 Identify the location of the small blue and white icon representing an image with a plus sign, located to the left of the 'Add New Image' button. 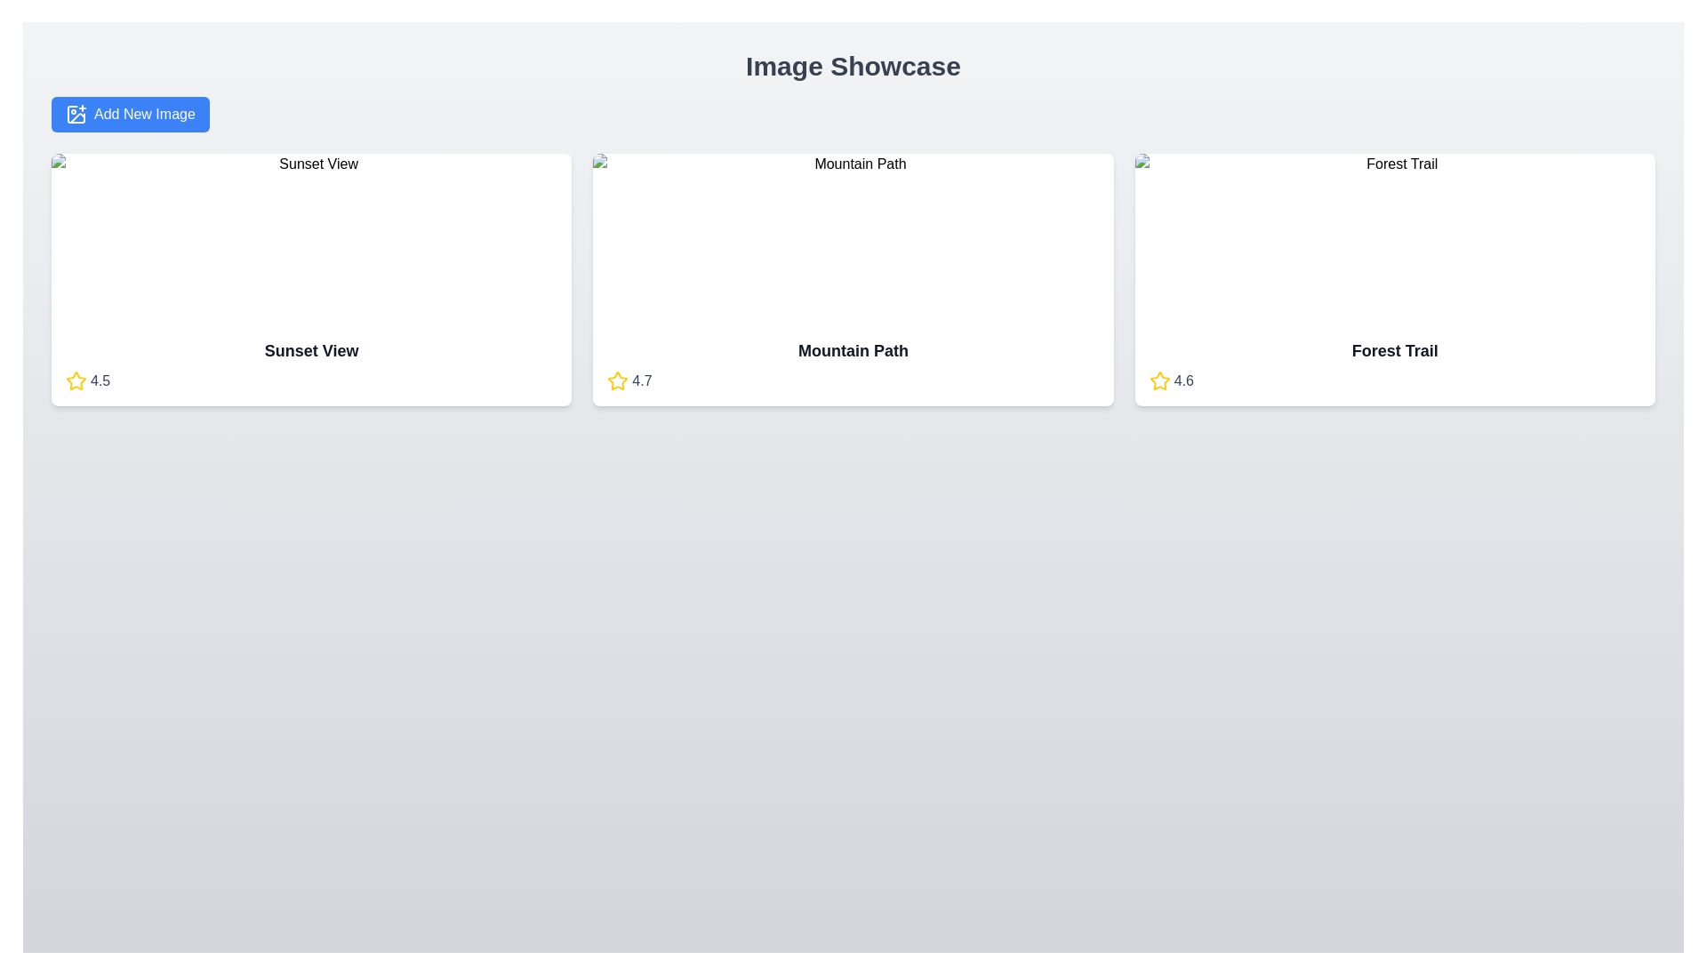
(76, 114).